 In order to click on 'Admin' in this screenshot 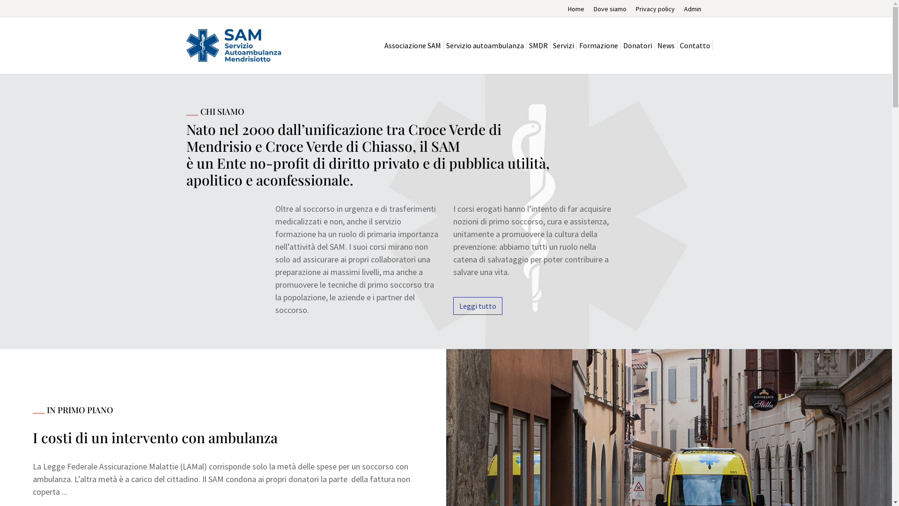, I will do `click(692, 9)`.